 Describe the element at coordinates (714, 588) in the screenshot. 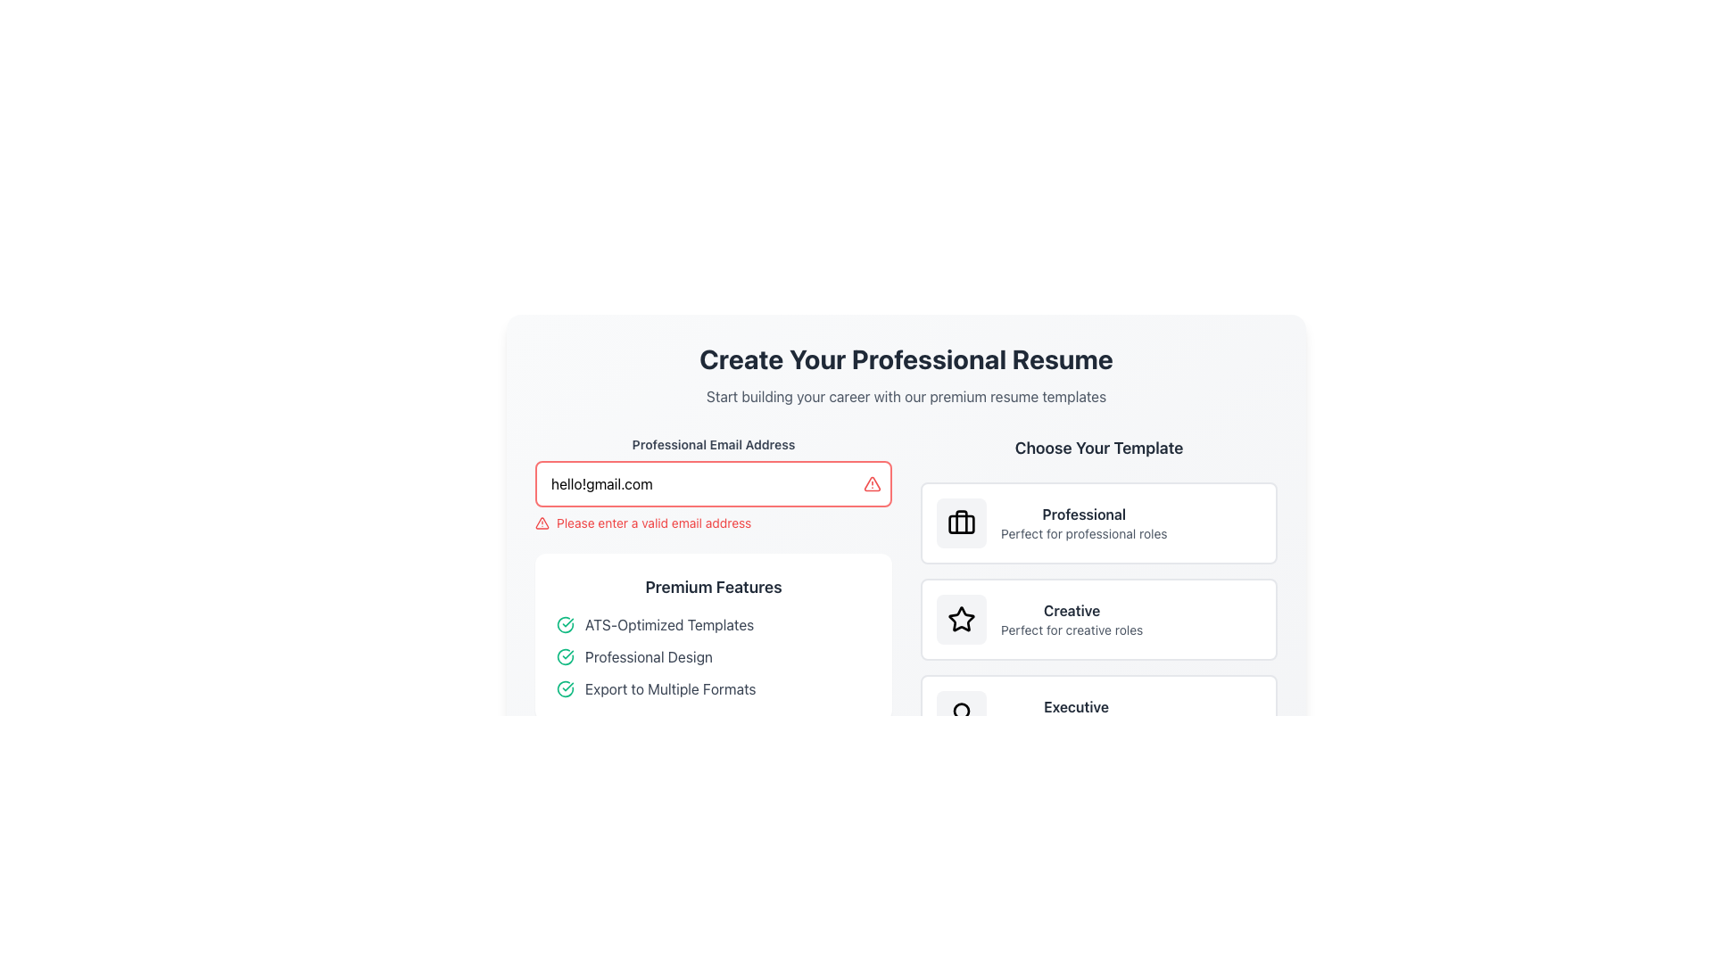

I see `the Text label that serves as a header or title for the section indicating the content or theme of the feature descriptions, located below the email input area` at that location.